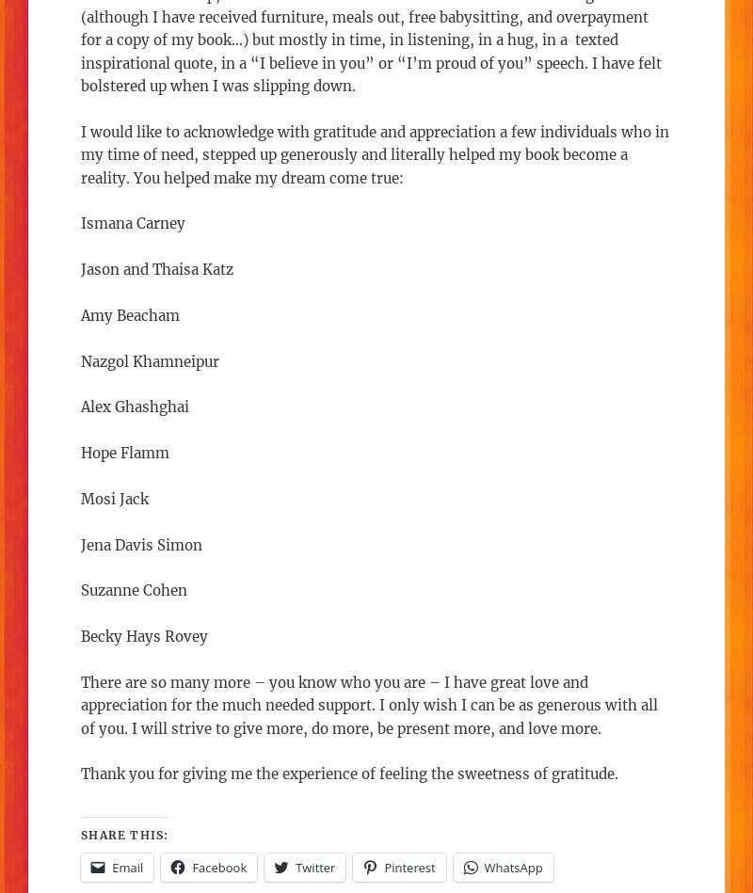 The image size is (753, 893). What do you see at coordinates (123, 833) in the screenshot?
I see `'Share this:'` at bounding box center [123, 833].